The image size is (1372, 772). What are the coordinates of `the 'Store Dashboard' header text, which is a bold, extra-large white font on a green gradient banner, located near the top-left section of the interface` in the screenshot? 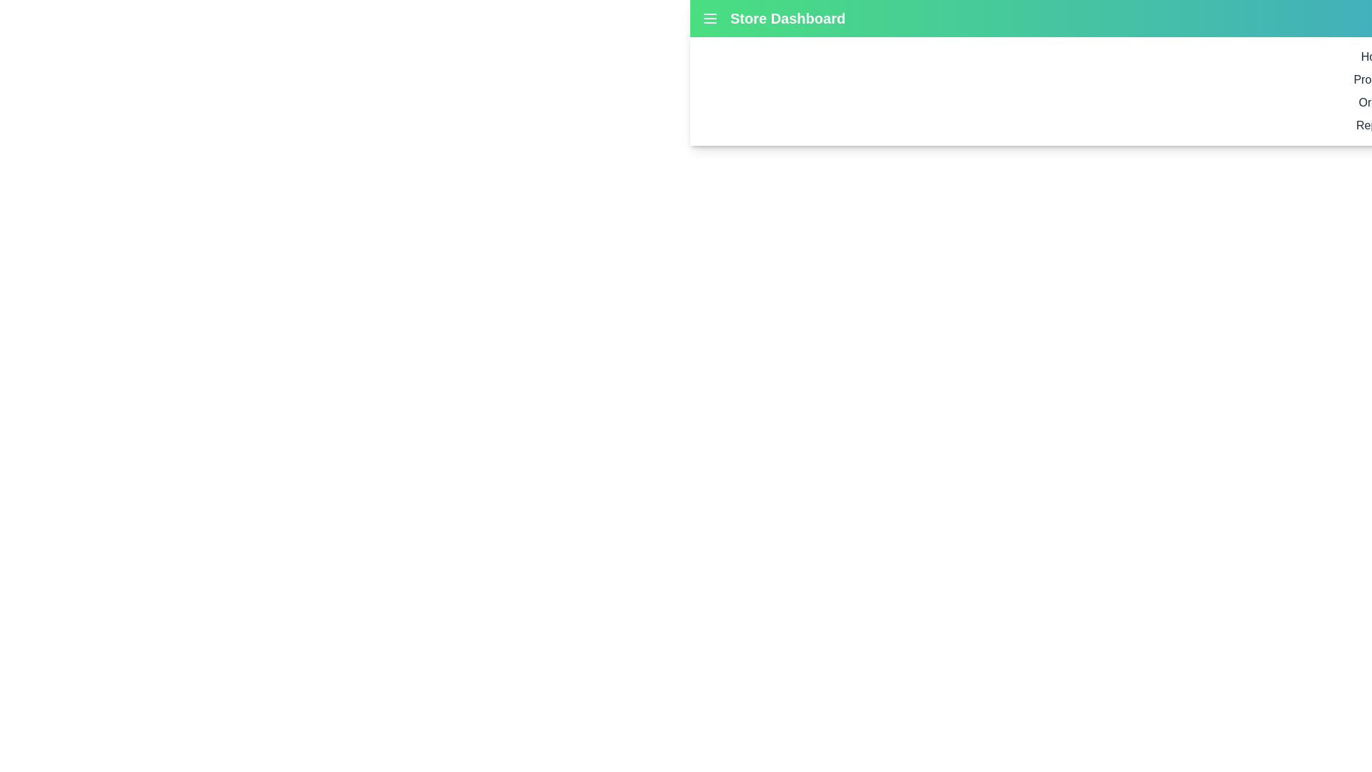 It's located at (787, 19).